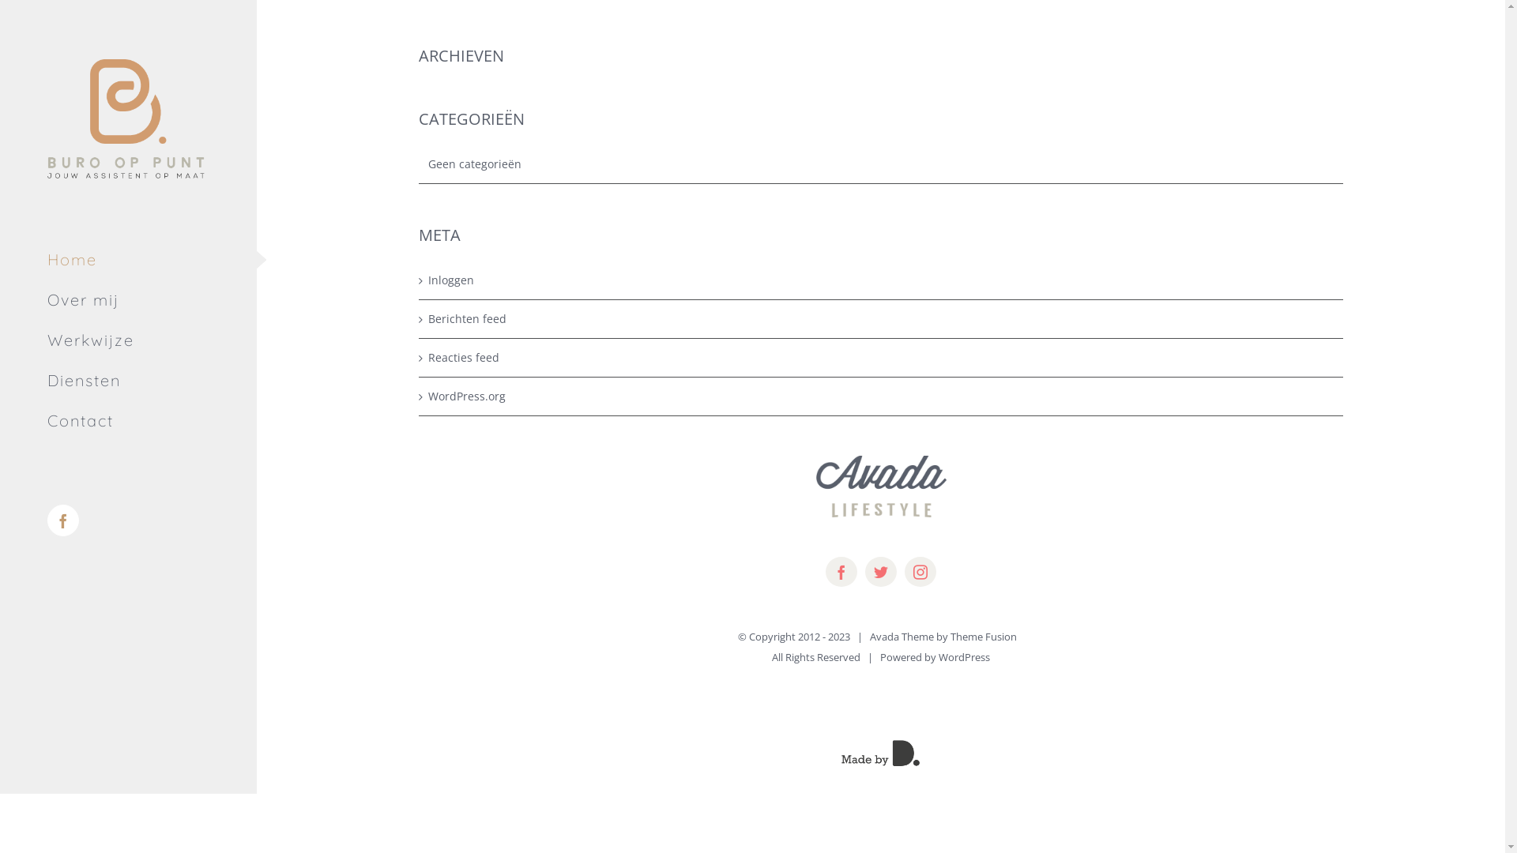  What do you see at coordinates (128, 381) in the screenshot?
I see `'Diensten'` at bounding box center [128, 381].